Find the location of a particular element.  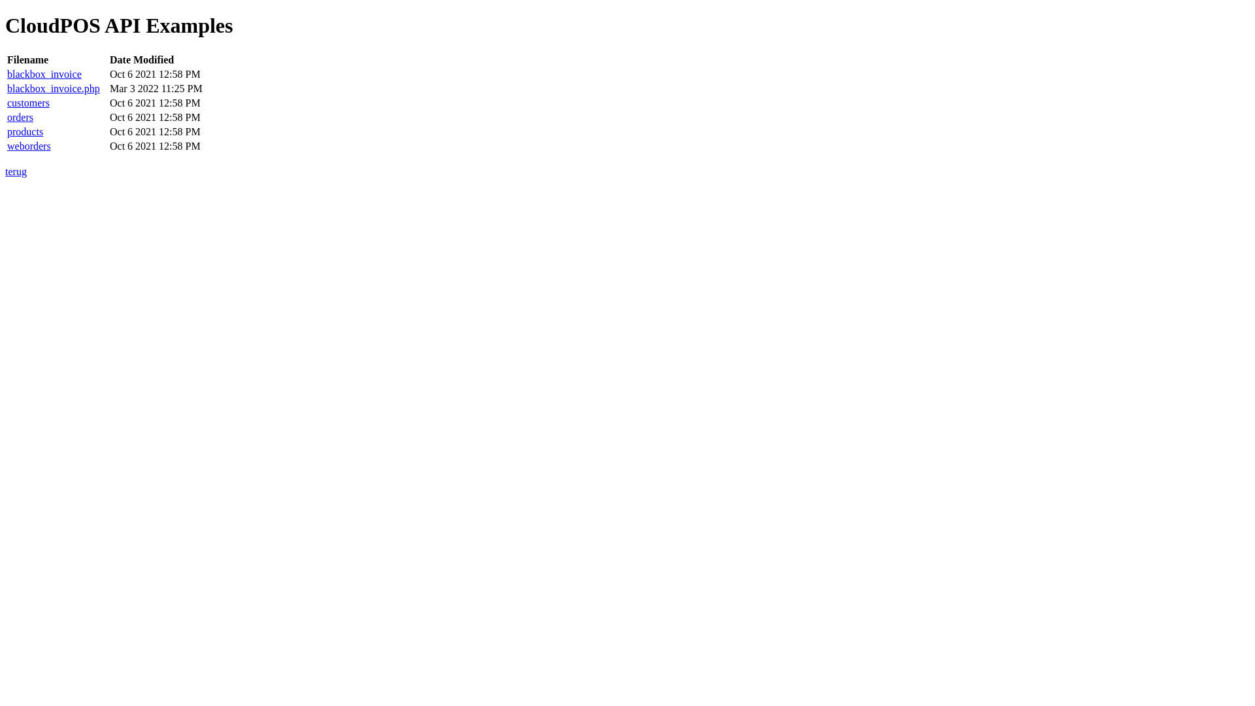

'blackbox_invoice.php' is located at coordinates (52, 88).